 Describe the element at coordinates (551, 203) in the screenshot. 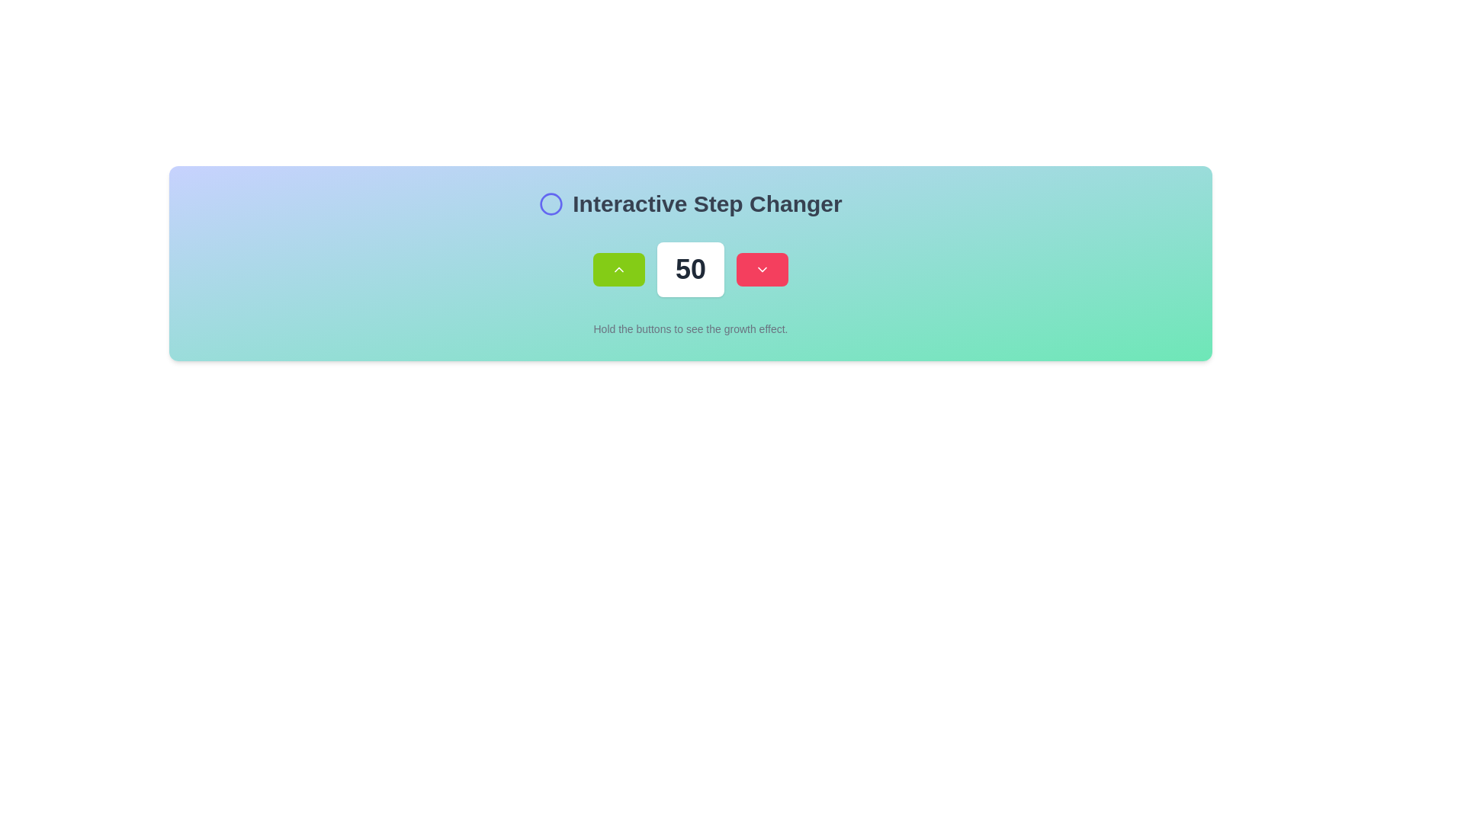

I see `the decorative Circle (SVG) element located to the left of the 'Interactive Step Changer' label` at that location.